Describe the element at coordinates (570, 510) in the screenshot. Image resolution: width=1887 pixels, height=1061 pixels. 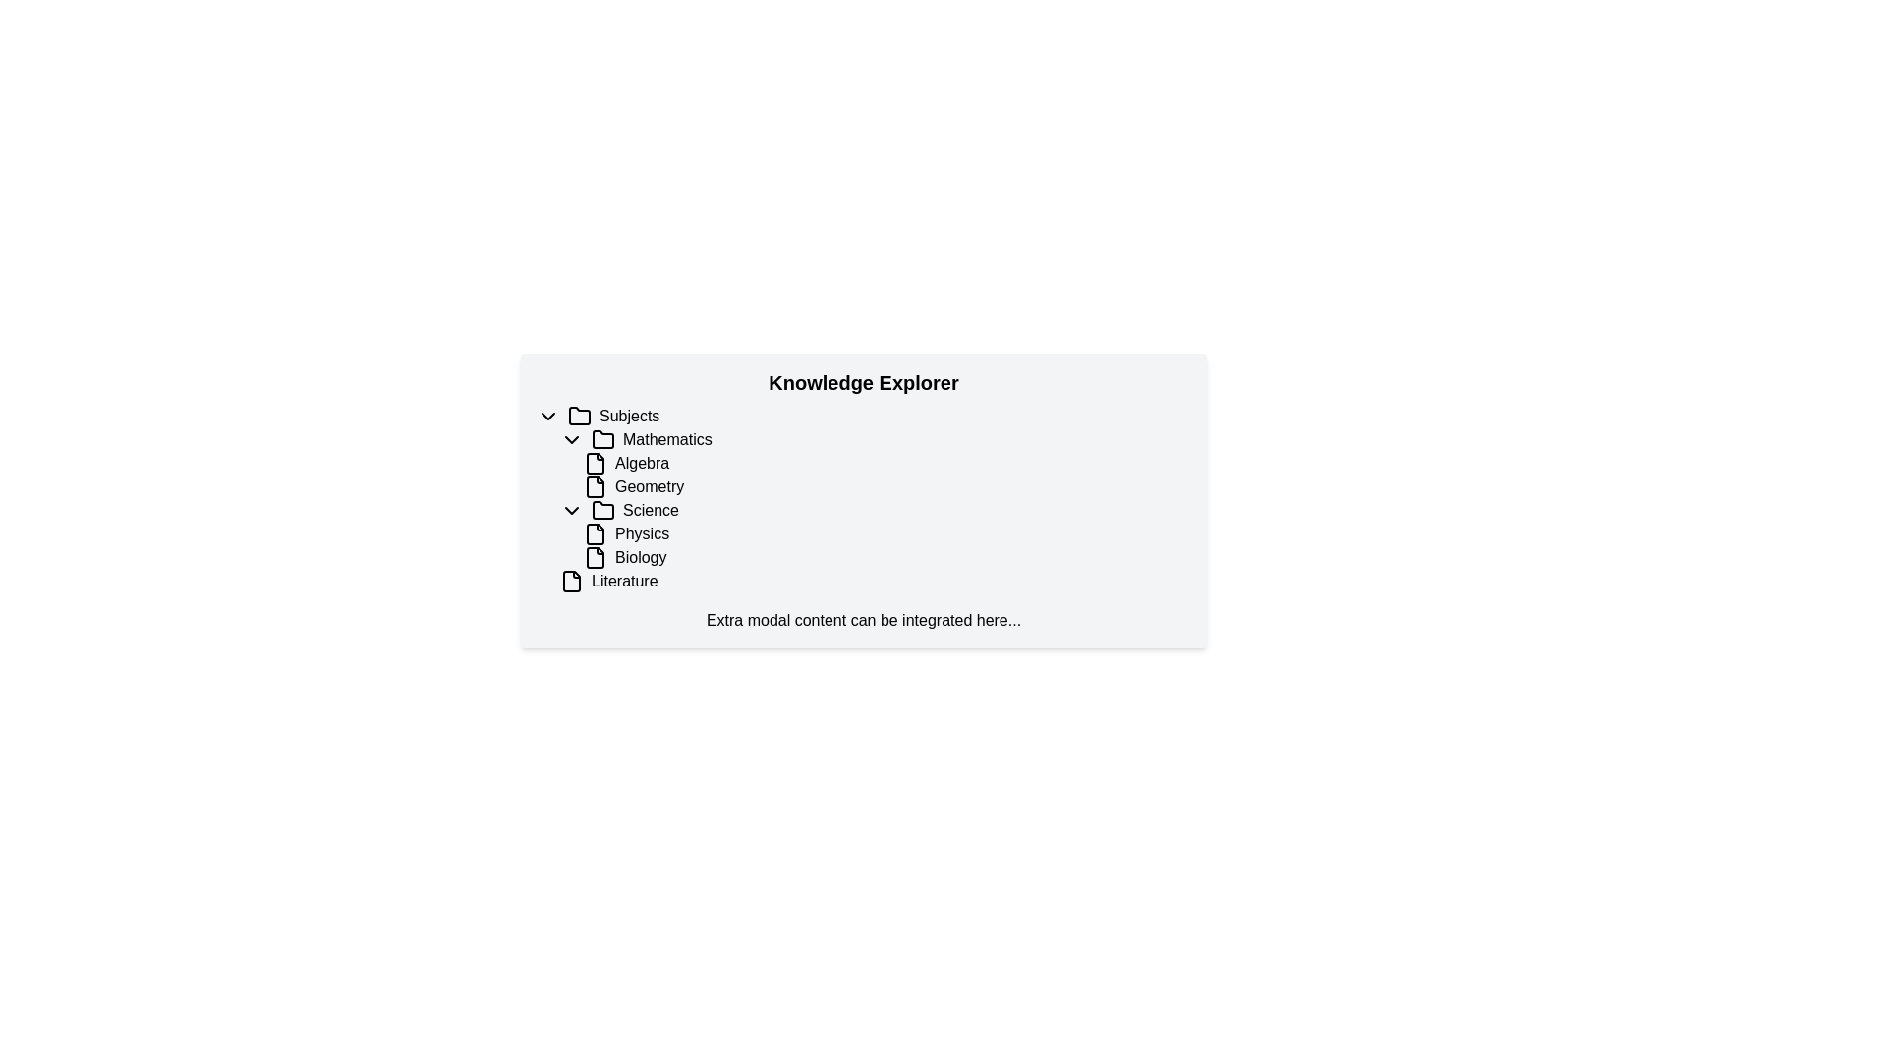
I see `the downward chevron icon` at that location.